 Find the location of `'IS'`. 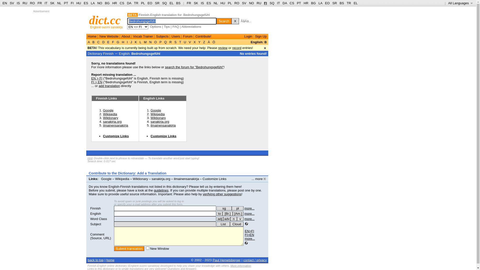

'IS' is located at coordinates (18, 3).